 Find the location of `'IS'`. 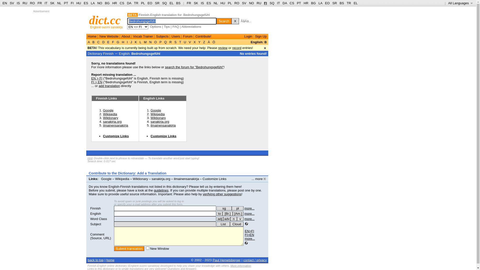

'IS' is located at coordinates (18, 3).